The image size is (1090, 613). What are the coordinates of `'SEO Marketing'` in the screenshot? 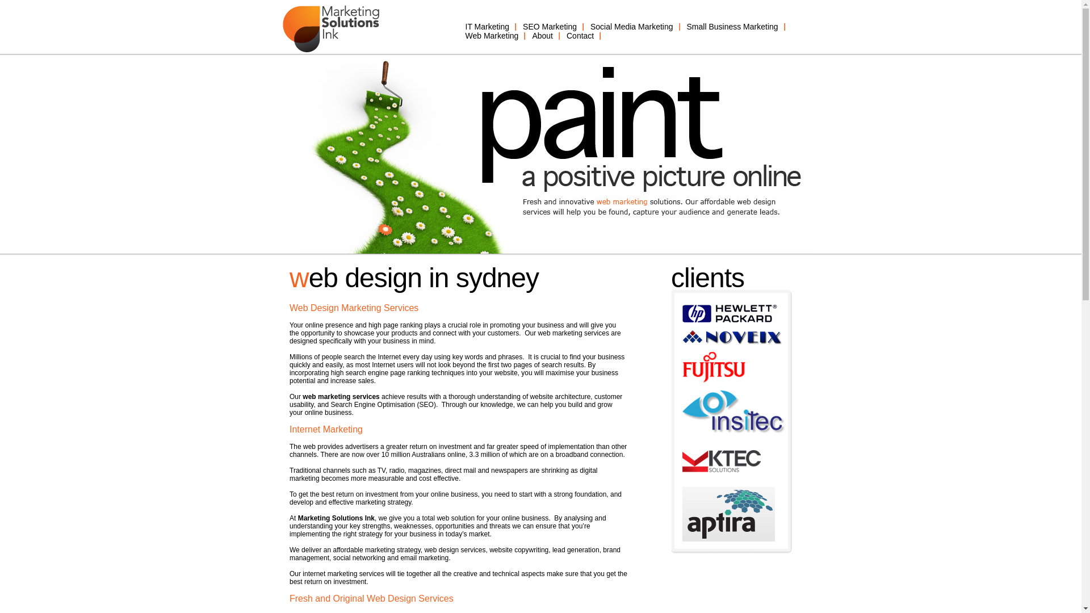 It's located at (550, 26).